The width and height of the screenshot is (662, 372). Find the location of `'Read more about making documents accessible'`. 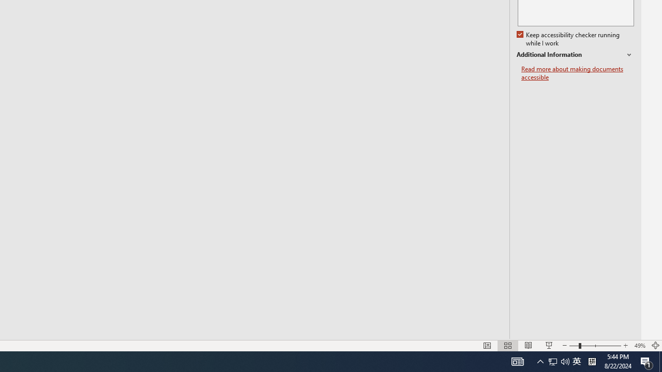

'Read more about making documents accessible' is located at coordinates (577, 73).